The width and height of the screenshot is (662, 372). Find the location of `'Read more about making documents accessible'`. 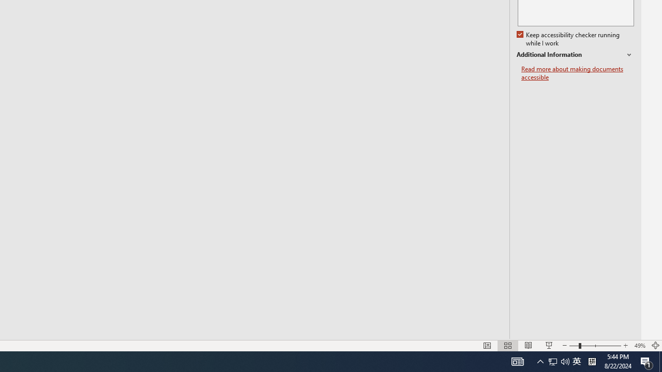

'Read more about making documents accessible' is located at coordinates (577, 73).